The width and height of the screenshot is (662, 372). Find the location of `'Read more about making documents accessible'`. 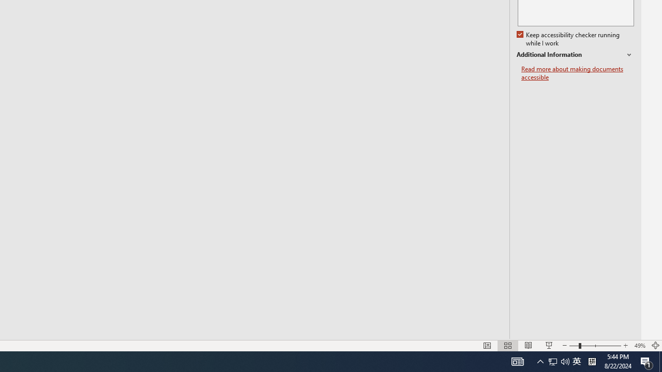

'Read more about making documents accessible' is located at coordinates (577, 73).